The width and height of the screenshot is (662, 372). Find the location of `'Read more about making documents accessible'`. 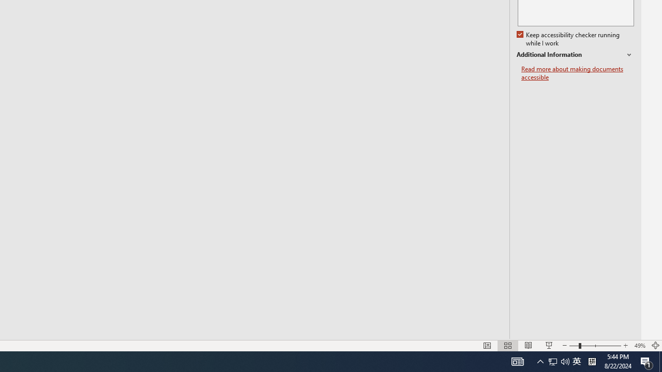

'Read more about making documents accessible' is located at coordinates (577, 73).